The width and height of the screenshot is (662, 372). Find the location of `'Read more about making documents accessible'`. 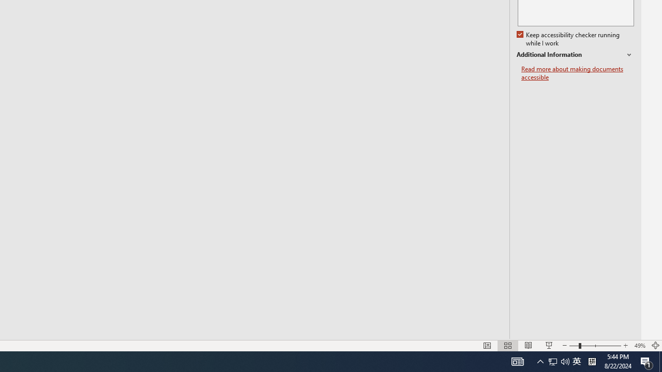

'Read more about making documents accessible' is located at coordinates (577, 73).